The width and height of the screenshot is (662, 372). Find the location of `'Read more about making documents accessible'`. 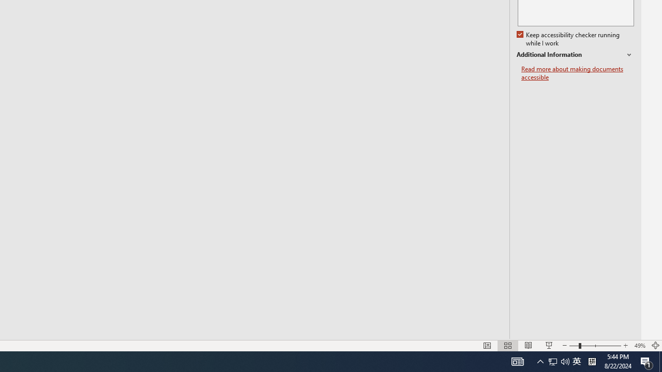

'Read more about making documents accessible' is located at coordinates (577, 73).